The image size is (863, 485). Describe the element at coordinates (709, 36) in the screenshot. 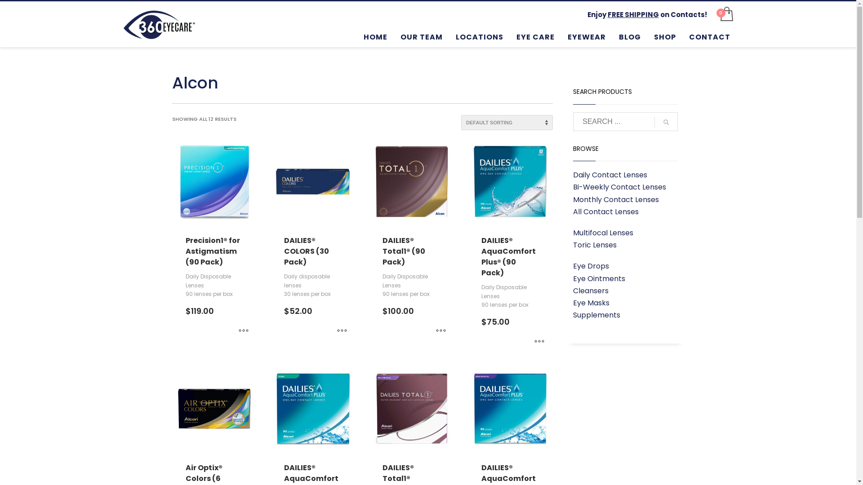

I see `'CONTACT'` at that location.